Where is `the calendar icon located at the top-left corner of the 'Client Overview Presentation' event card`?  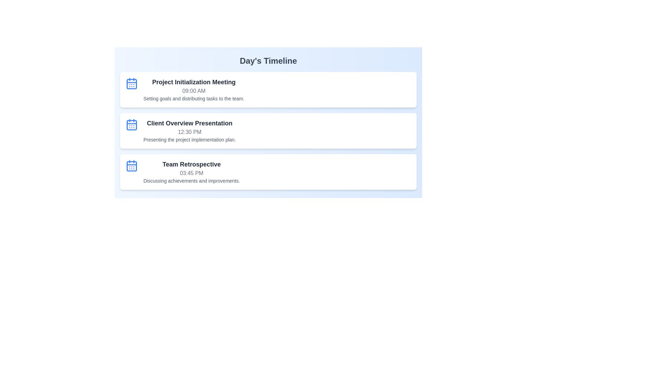
the calendar icon located at the top-left corner of the 'Client Overview Presentation' event card is located at coordinates (132, 124).